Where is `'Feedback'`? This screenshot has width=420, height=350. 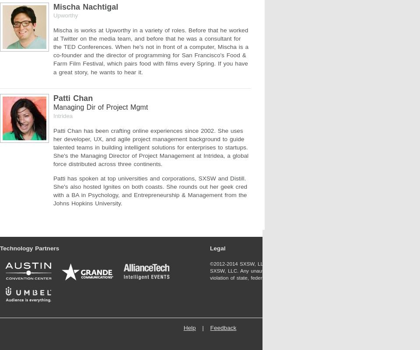
'Feedback' is located at coordinates (222, 328).